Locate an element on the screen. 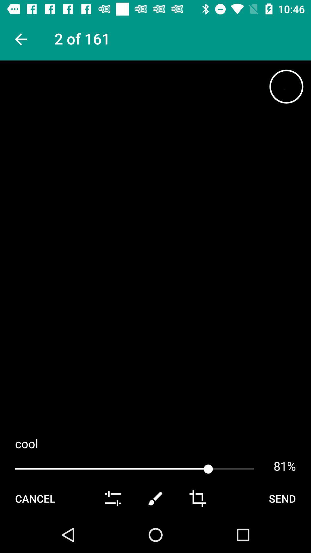 Image resolution: width=311 pixels, height=553 pixels. draw is located at coordinates (155, 498).